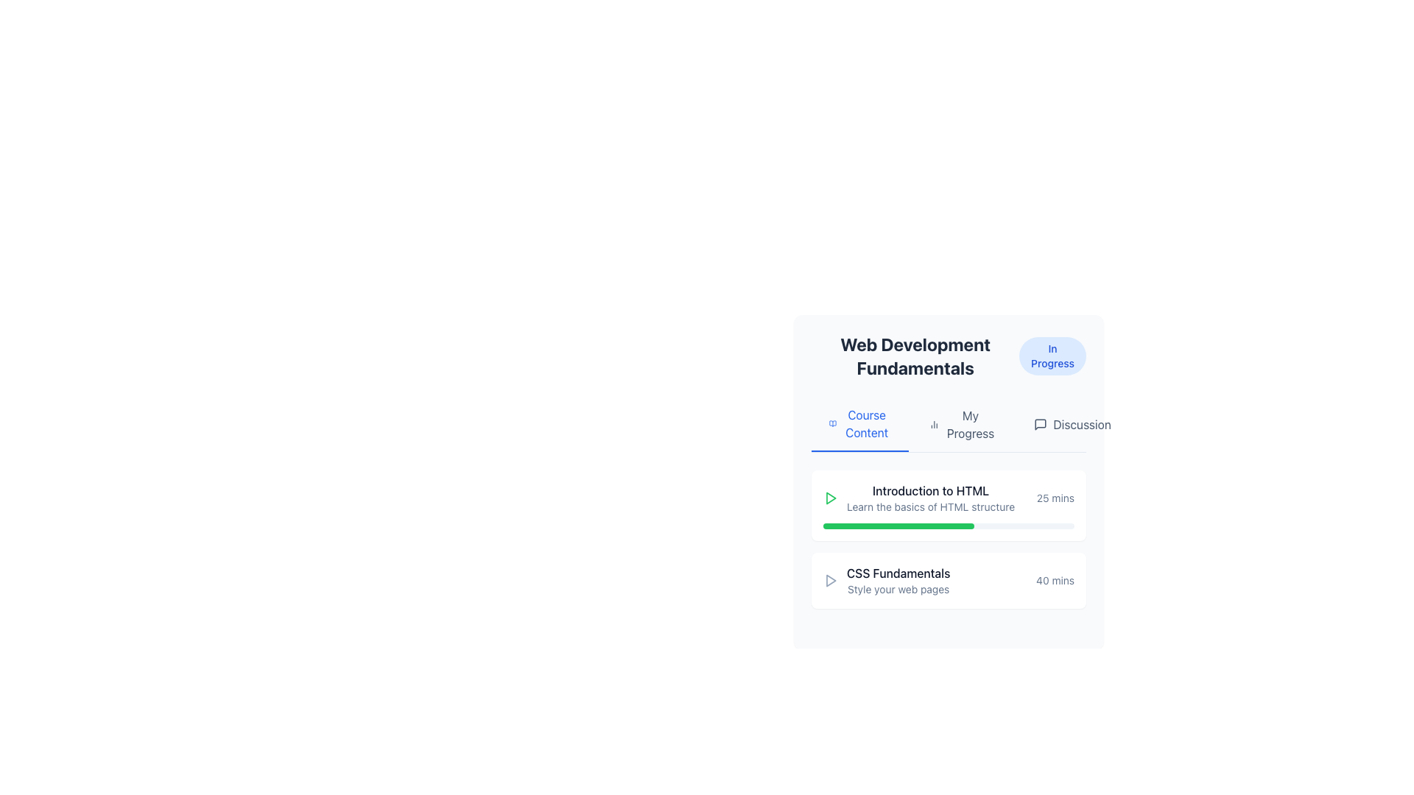 Image resolution: width=1414 pixels, height=795 pixels. What do you see at coordinates (949, 425) in the screenshot?
I see `the 'My Progress' tab item in the navigation bar` at bounding box center [949, 425].